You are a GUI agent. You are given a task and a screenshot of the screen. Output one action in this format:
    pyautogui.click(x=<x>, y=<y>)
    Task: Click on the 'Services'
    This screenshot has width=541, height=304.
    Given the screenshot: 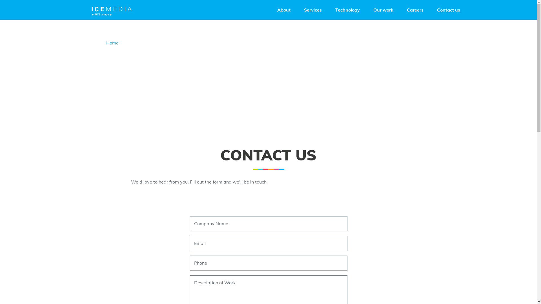 What is the action you would take?
    pyautogui.click(x=312, y=10)
    